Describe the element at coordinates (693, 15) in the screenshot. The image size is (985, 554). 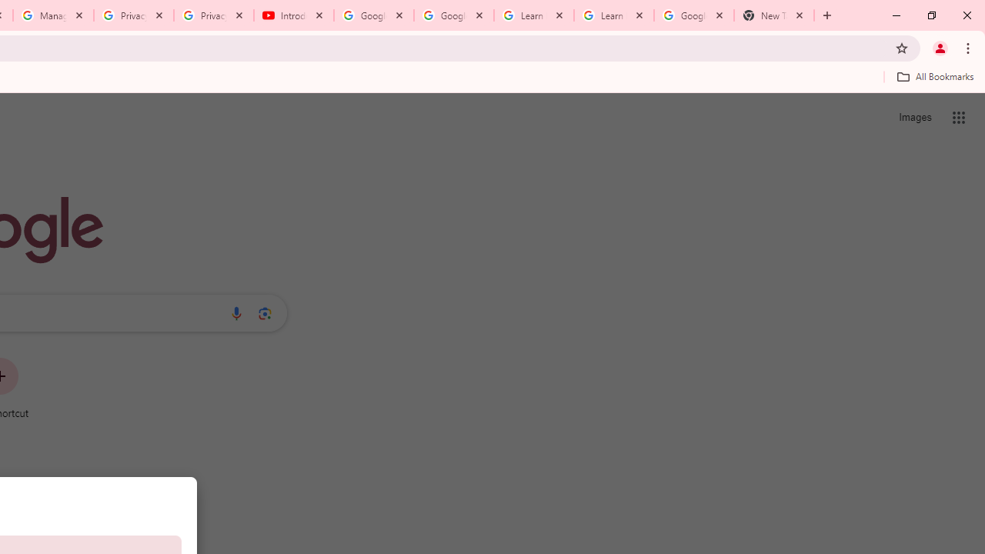
I see `'Google Account'` at that location.